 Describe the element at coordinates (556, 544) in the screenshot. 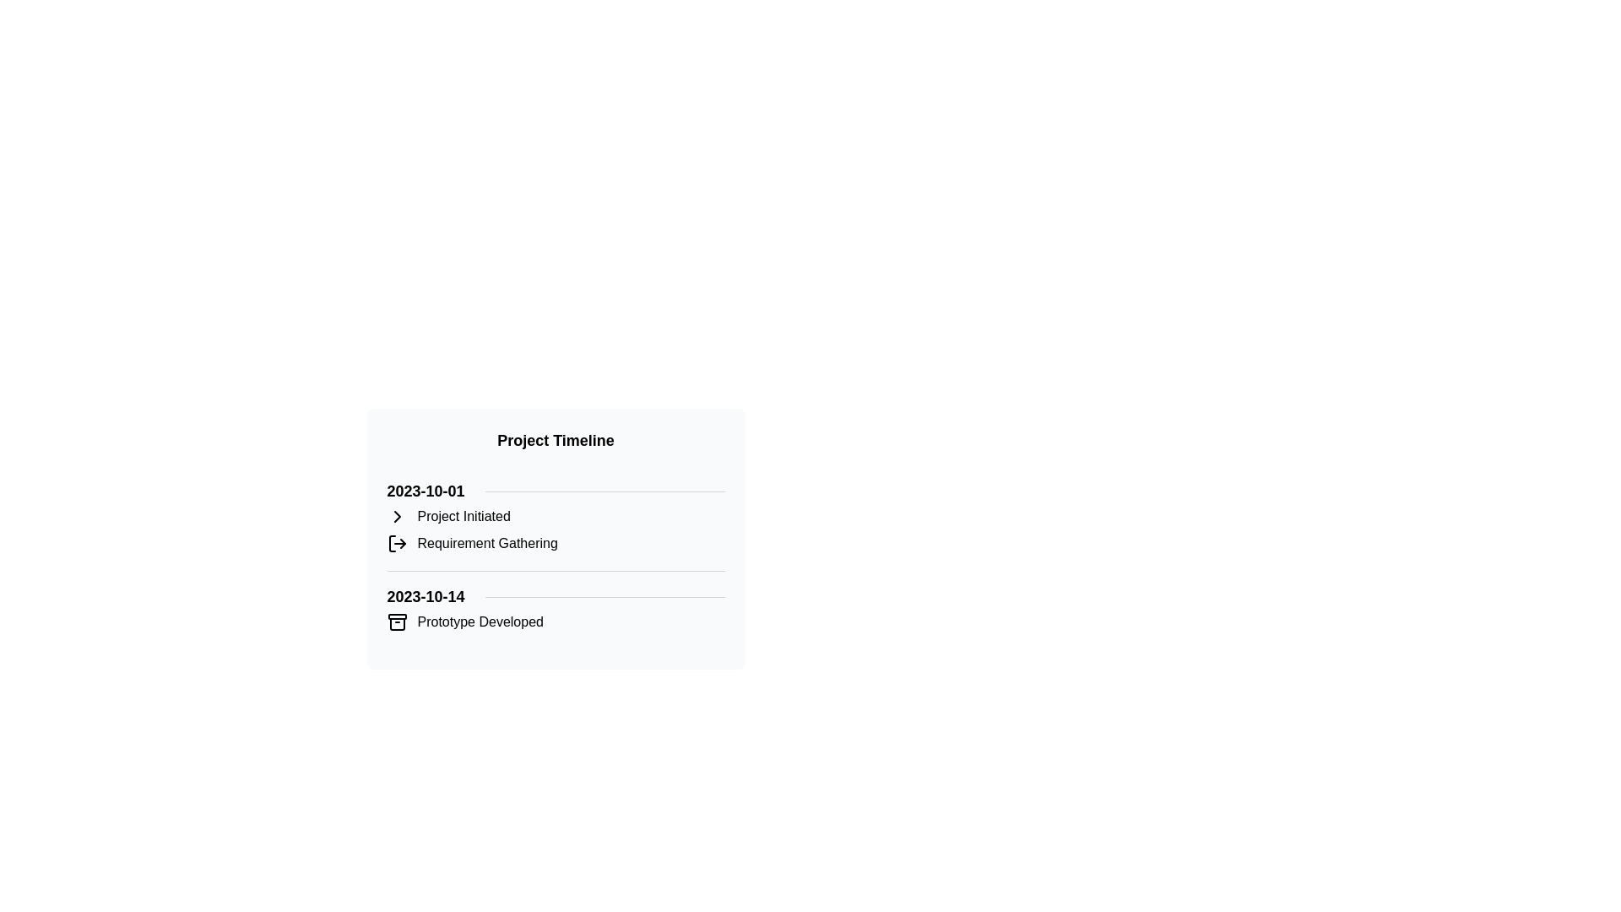

I see `the 'Requirement Gathering' list item` at that location.